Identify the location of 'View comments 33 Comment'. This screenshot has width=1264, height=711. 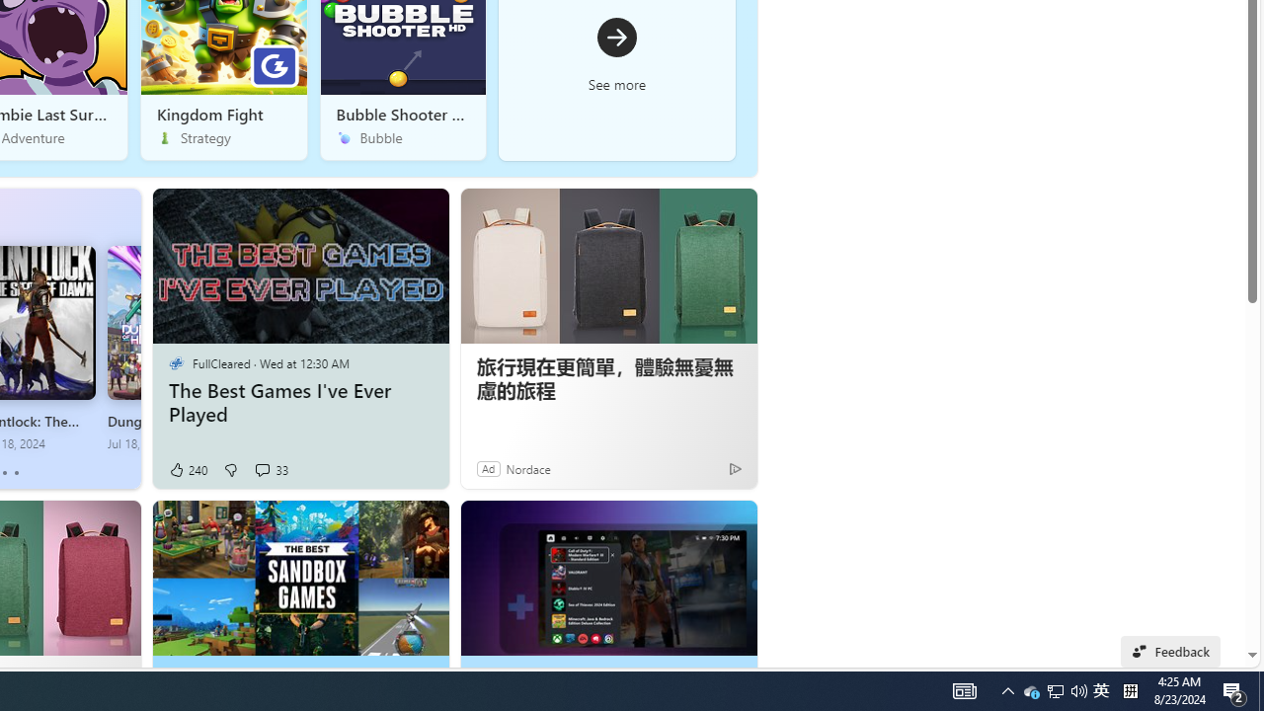
(261, 469).